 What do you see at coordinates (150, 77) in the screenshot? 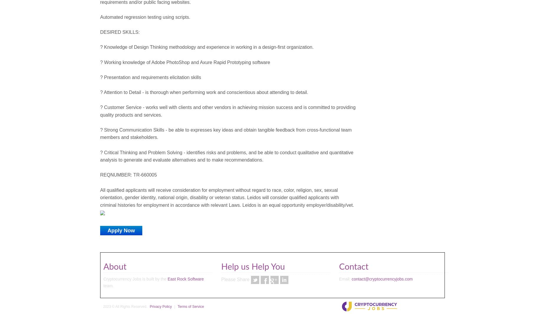
I see `'? Presentation and requirements elicitation skills'` at bounding box center [150, 77].